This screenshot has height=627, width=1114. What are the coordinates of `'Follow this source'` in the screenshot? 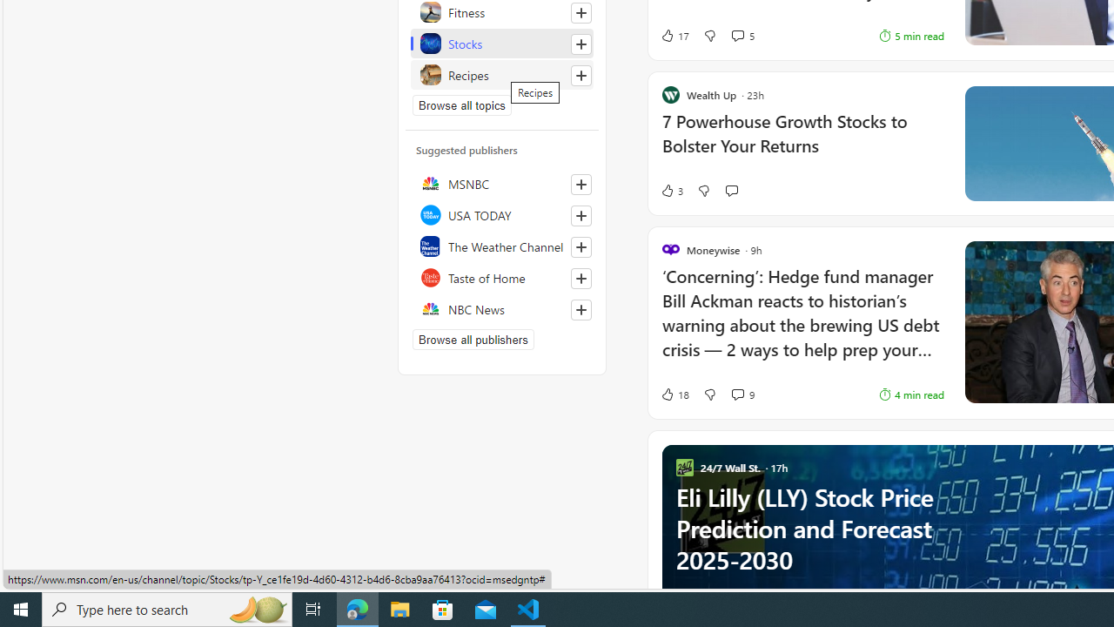 It's located at (581, 309).